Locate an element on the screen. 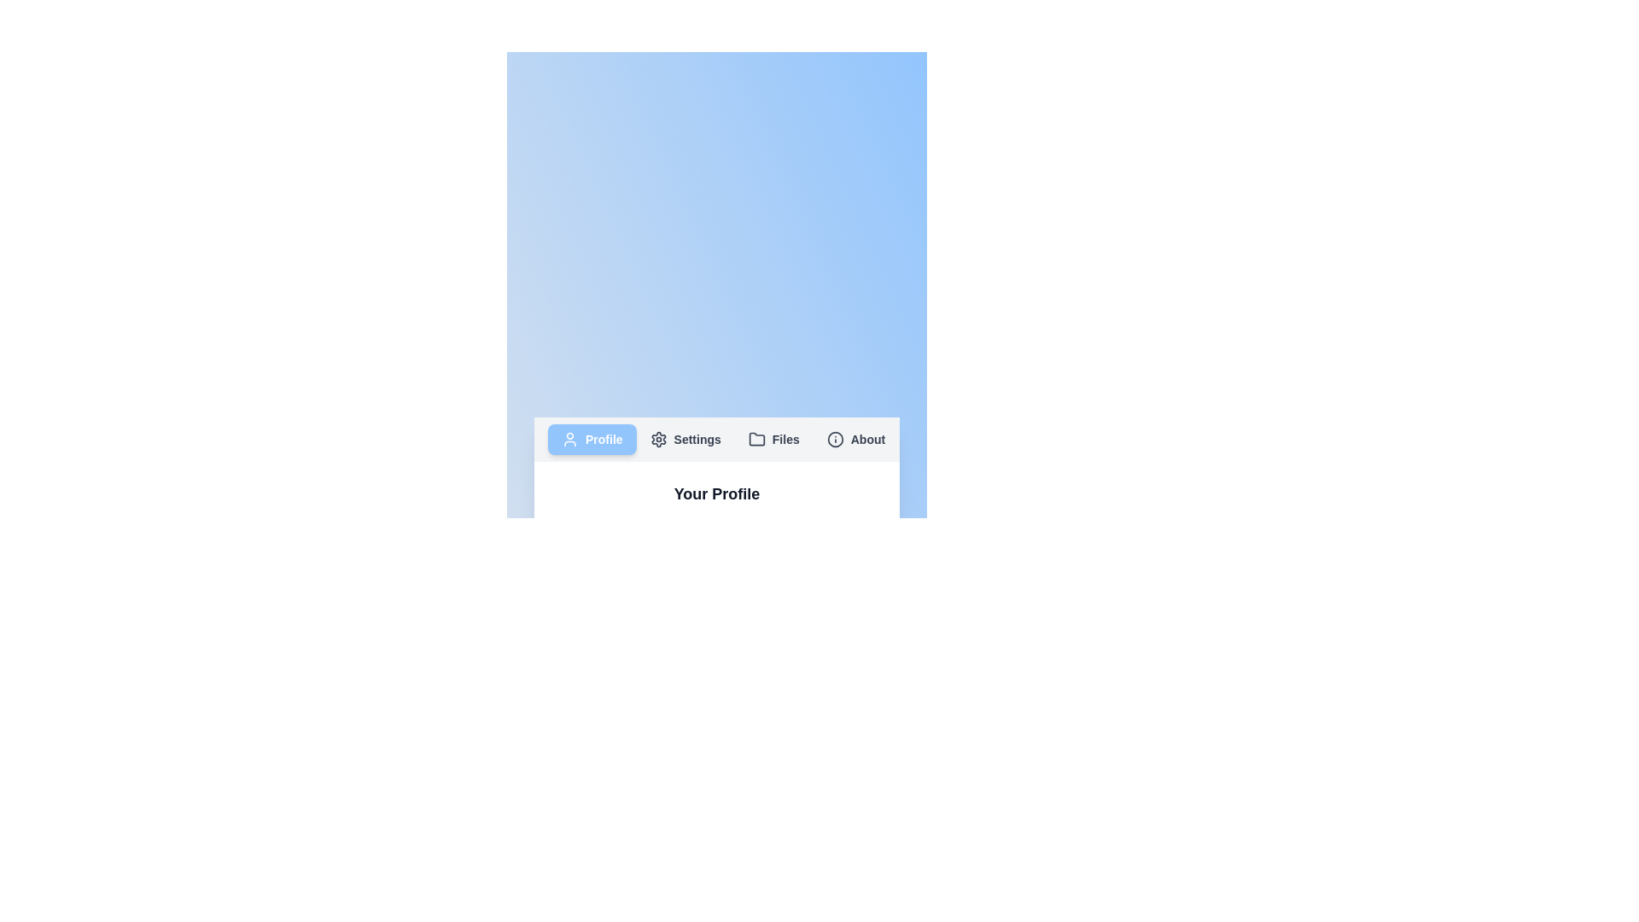 This screenshot has height=922, width=1639. the central cogwheel feature in the settings icon is located at coordinates (657, 439).